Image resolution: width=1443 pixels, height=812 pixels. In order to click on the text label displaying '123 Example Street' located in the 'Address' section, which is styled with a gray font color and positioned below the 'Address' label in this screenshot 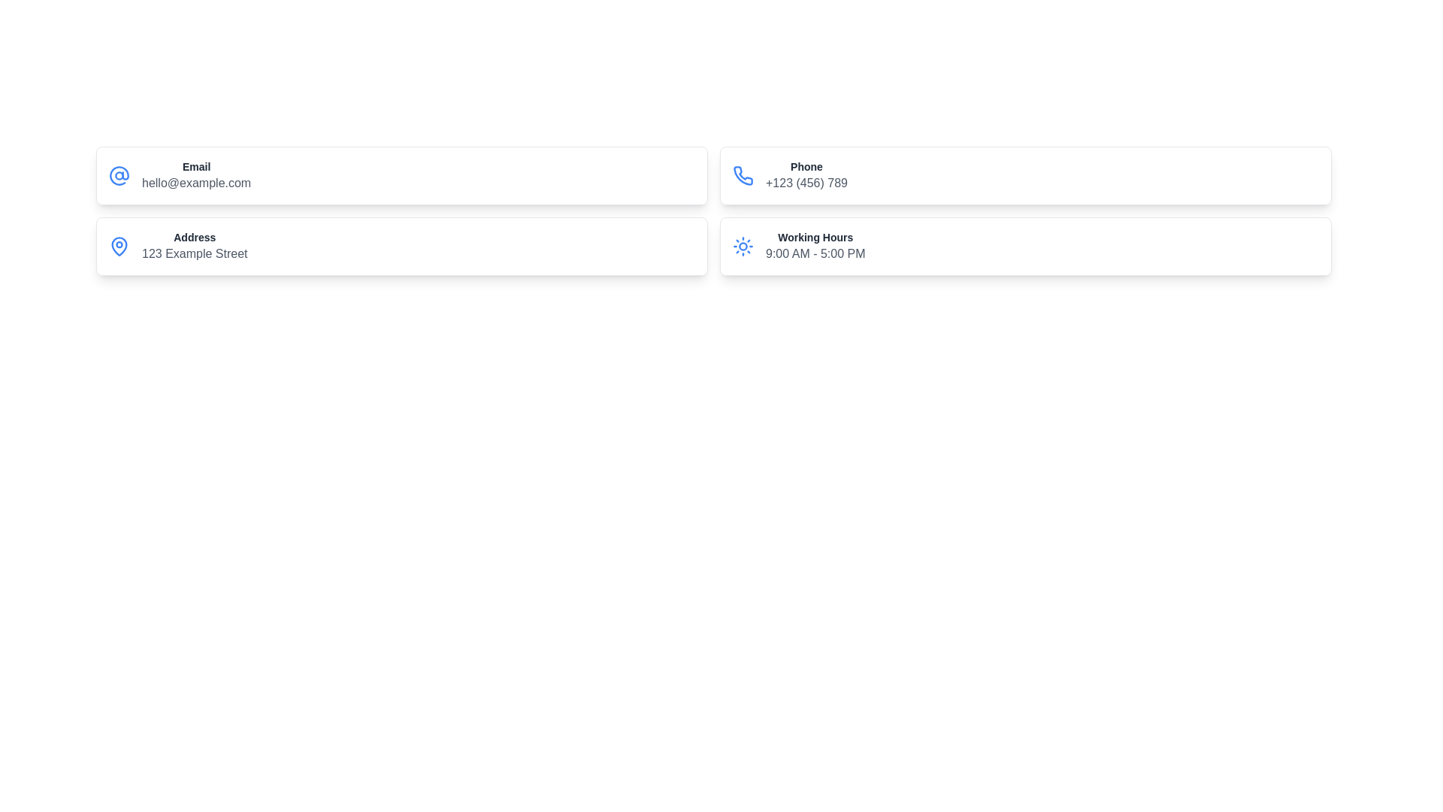, I will do `click(194, 253)`.